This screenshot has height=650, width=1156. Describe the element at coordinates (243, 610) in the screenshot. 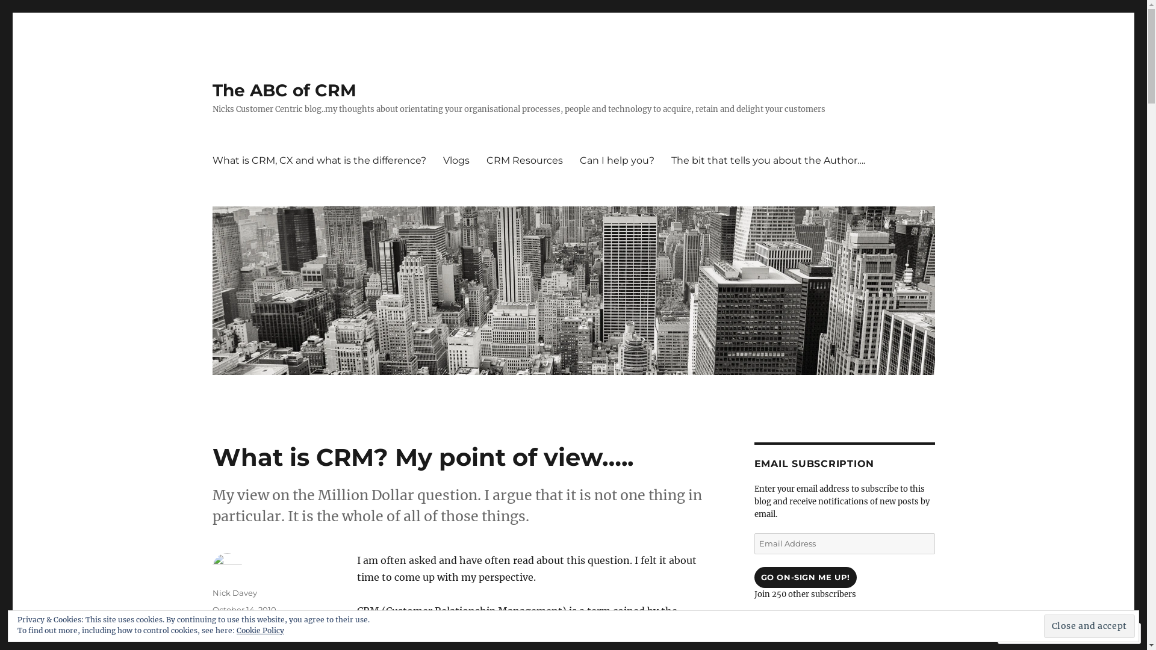

I see `'October 14, 2010'` at that location.